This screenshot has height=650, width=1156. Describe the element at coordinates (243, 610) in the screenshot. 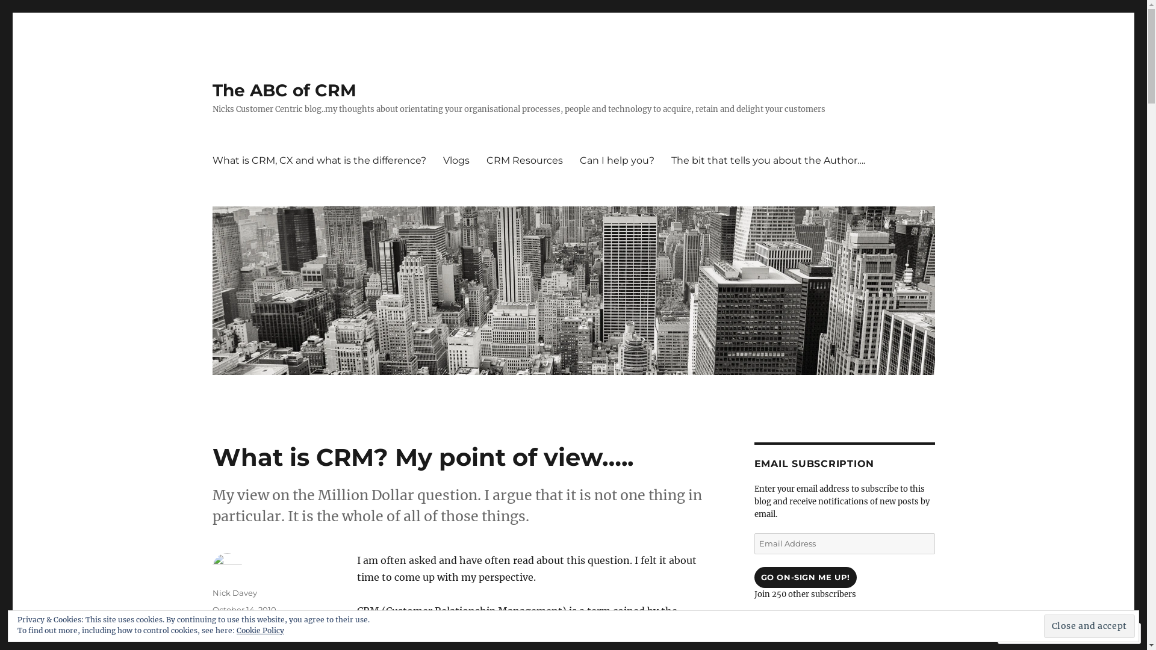

I see `'October 14, 2010'` at that location.